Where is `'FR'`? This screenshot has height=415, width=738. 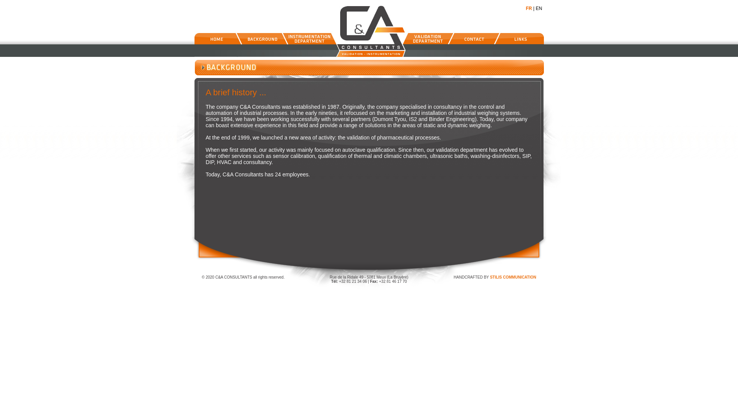
'FR' is located at coordinates (529, 8).